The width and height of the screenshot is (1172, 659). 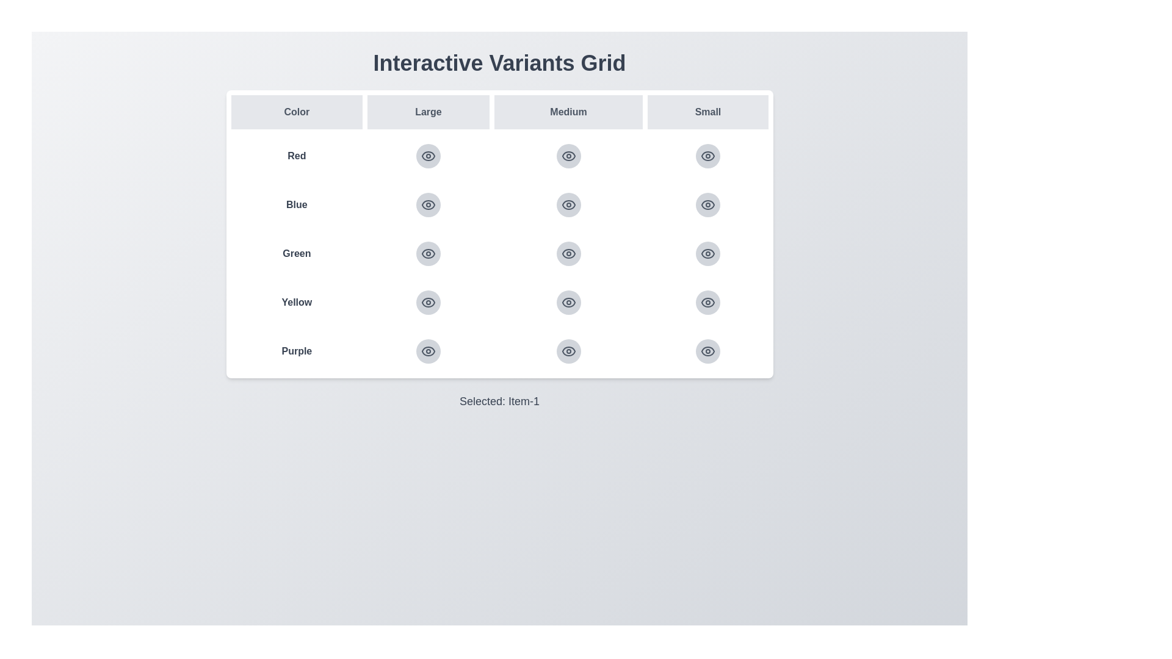 I want to click on the visibility icon located in the last row under the 'Small' column of the grid, so click(x=708, y=253).